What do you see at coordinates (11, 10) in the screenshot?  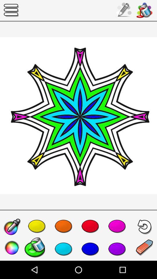 I see `the menu icon` at bounding box center [11, 10].